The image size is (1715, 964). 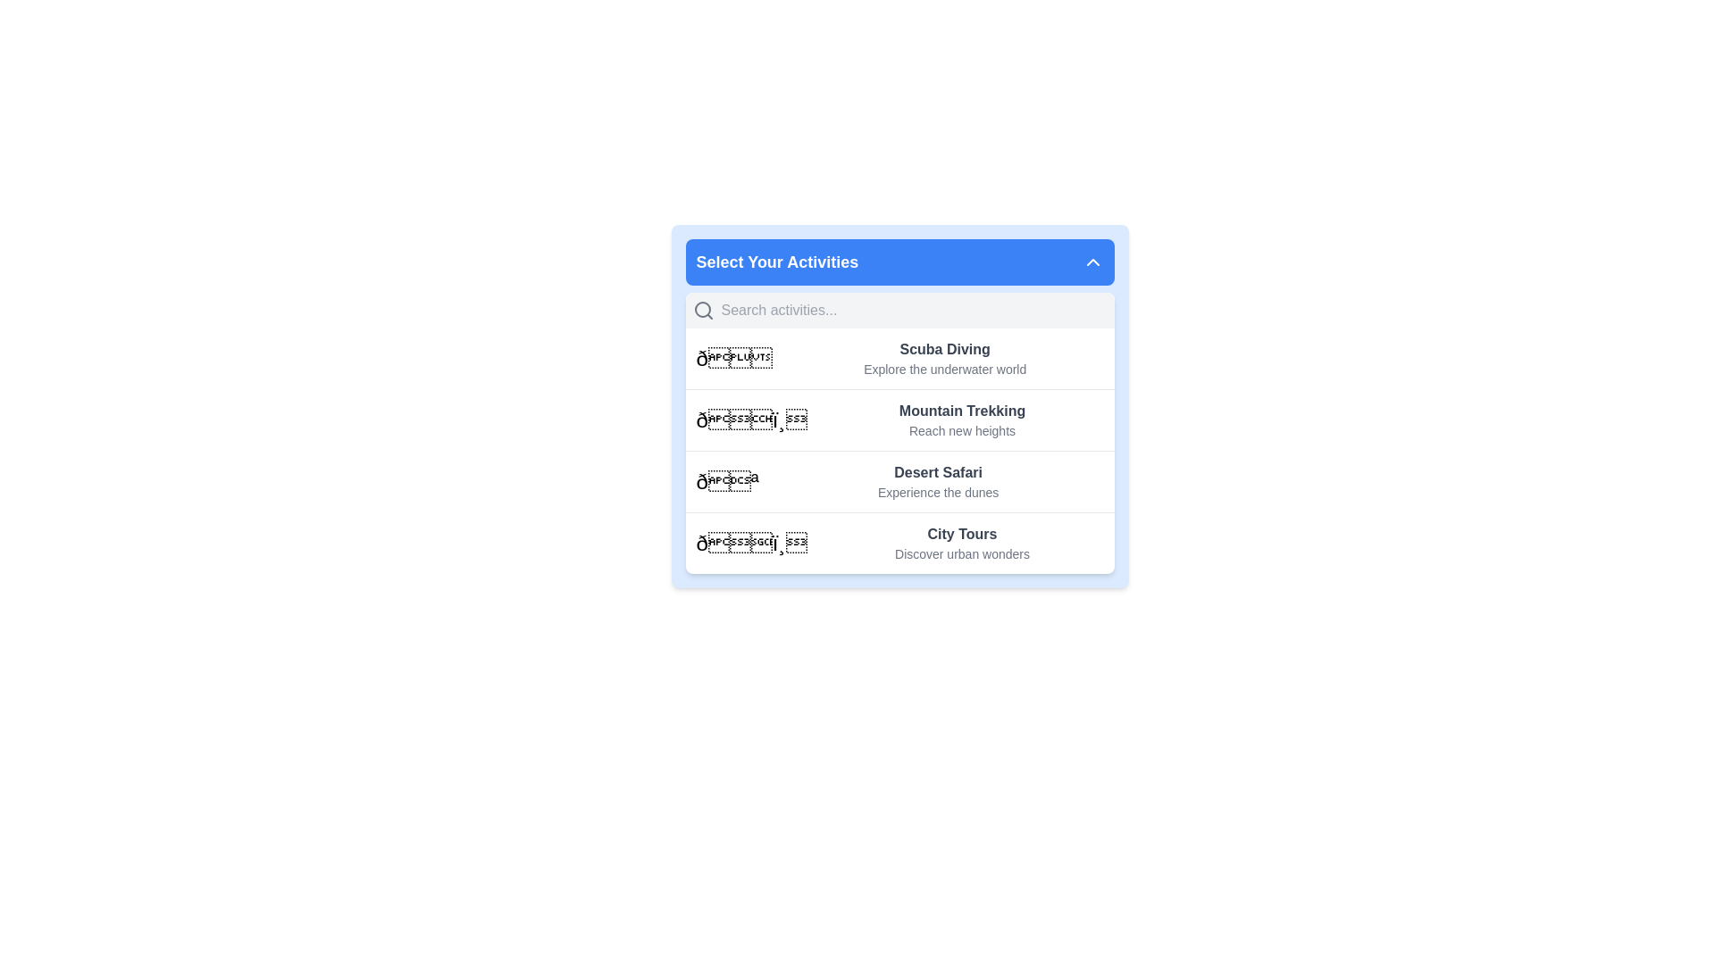 What do you see at coordinates (960, 543) in the screenshot?
I see `the list item titled 'City Tours'` at bounding box center [960, 543].